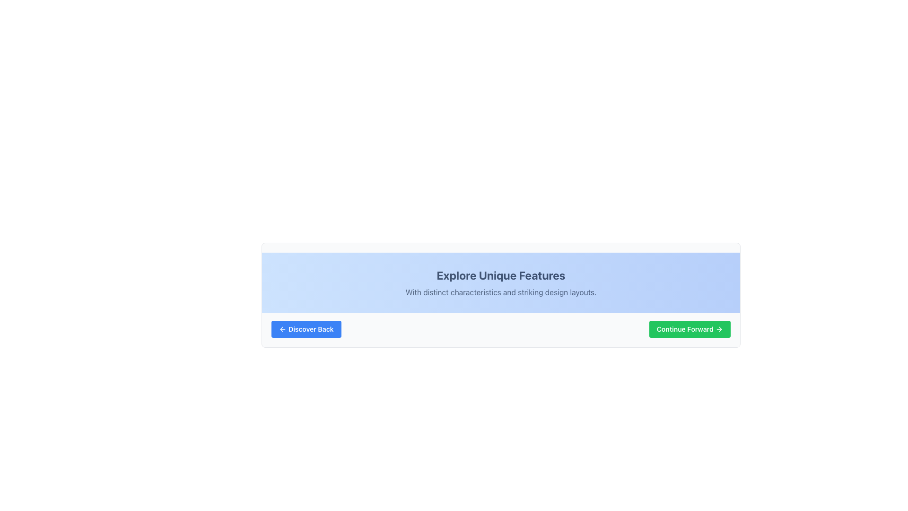 The width and height of the screenshot is (908, 511). Describe the element at coordinates (282, 328) in the screenshot. I see `the leftward pointing arrow icon with a blue background, which is part of the 'Discover Back' button` at that location.